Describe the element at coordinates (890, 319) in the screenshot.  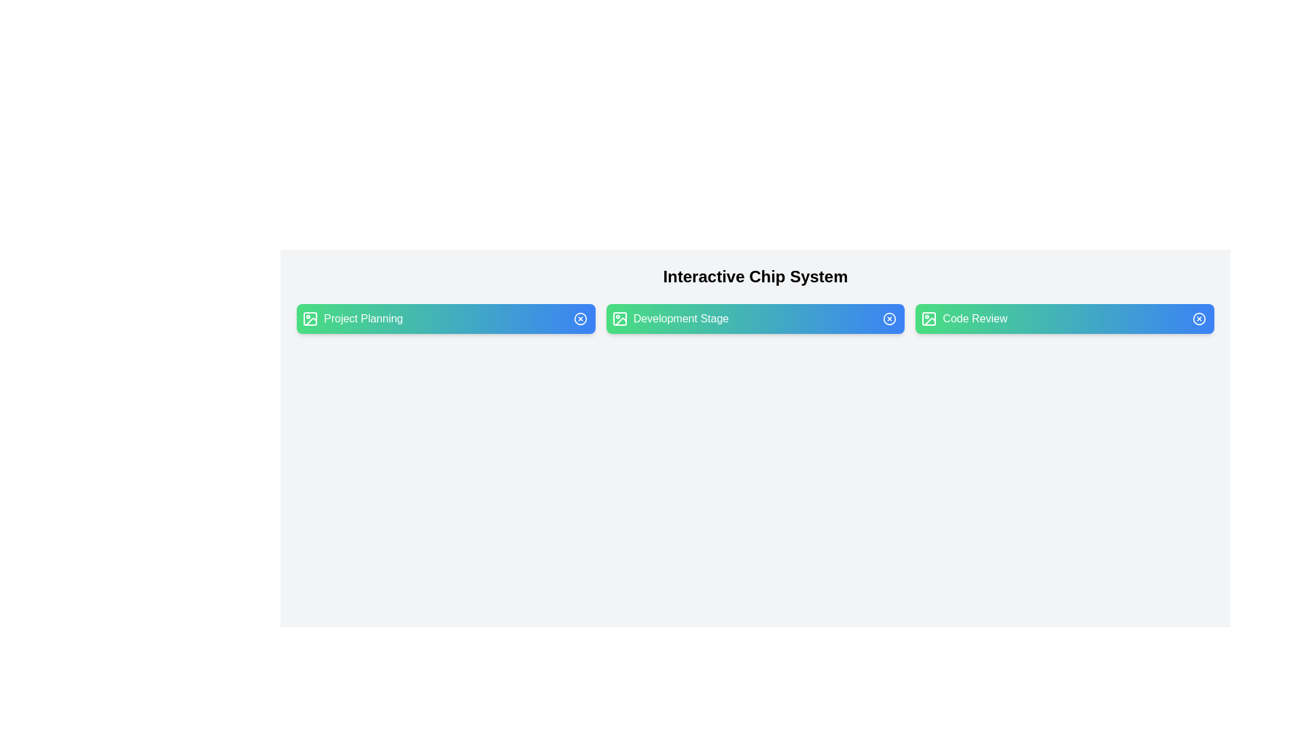
I see `remove button of the chip labeled 'Development Stage' to delete it` at that location.